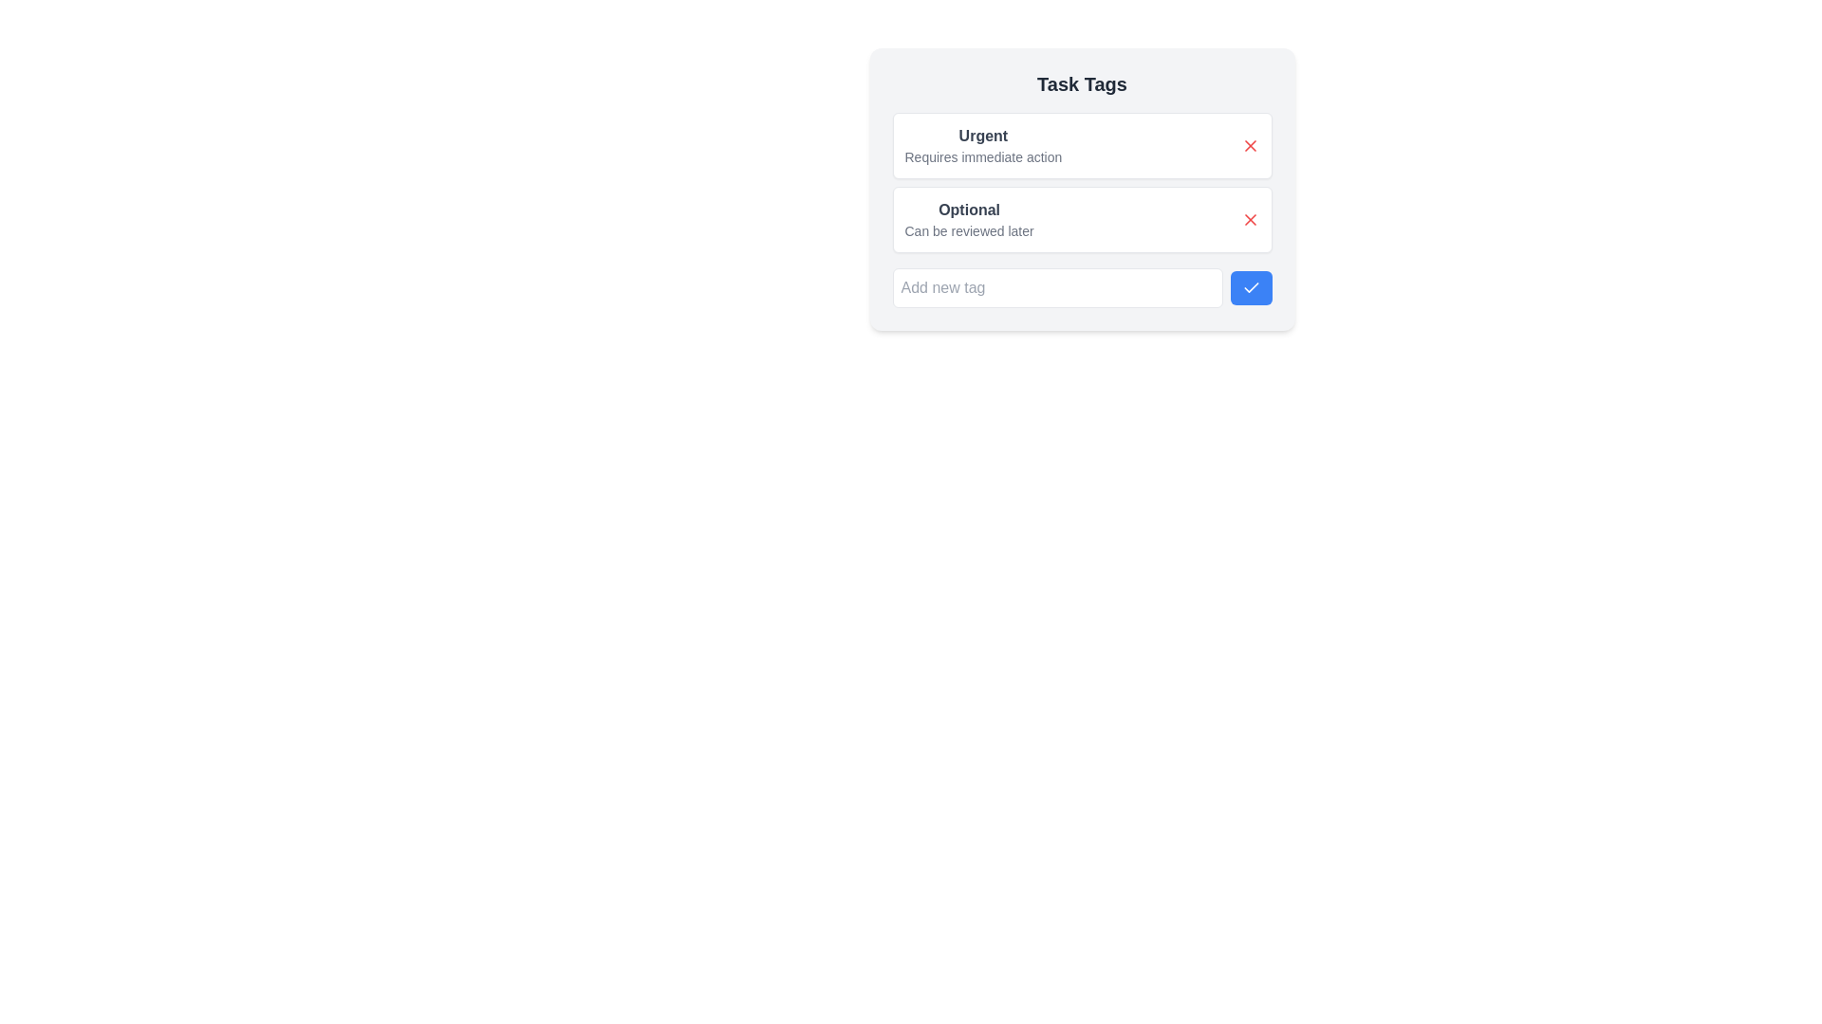 The image size is (1822, 1024). What do you see at coordinates (983, 135) in the screenshot?
I see `the Text label indicating the urgency of the associated task, which is located at the top of the 'Task Tags' card and above the description 'Requires immediate action'` at bounding box center [983, 135].